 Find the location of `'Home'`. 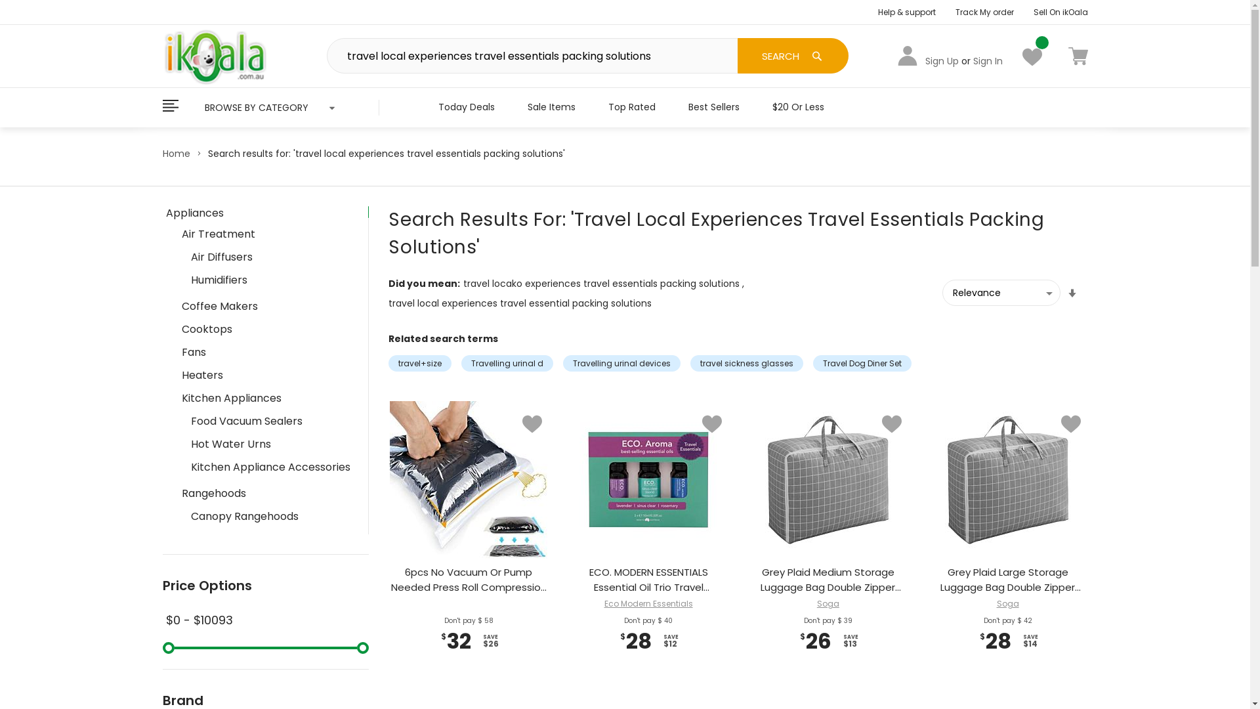

'Home' is located at coordinates (175, 153).